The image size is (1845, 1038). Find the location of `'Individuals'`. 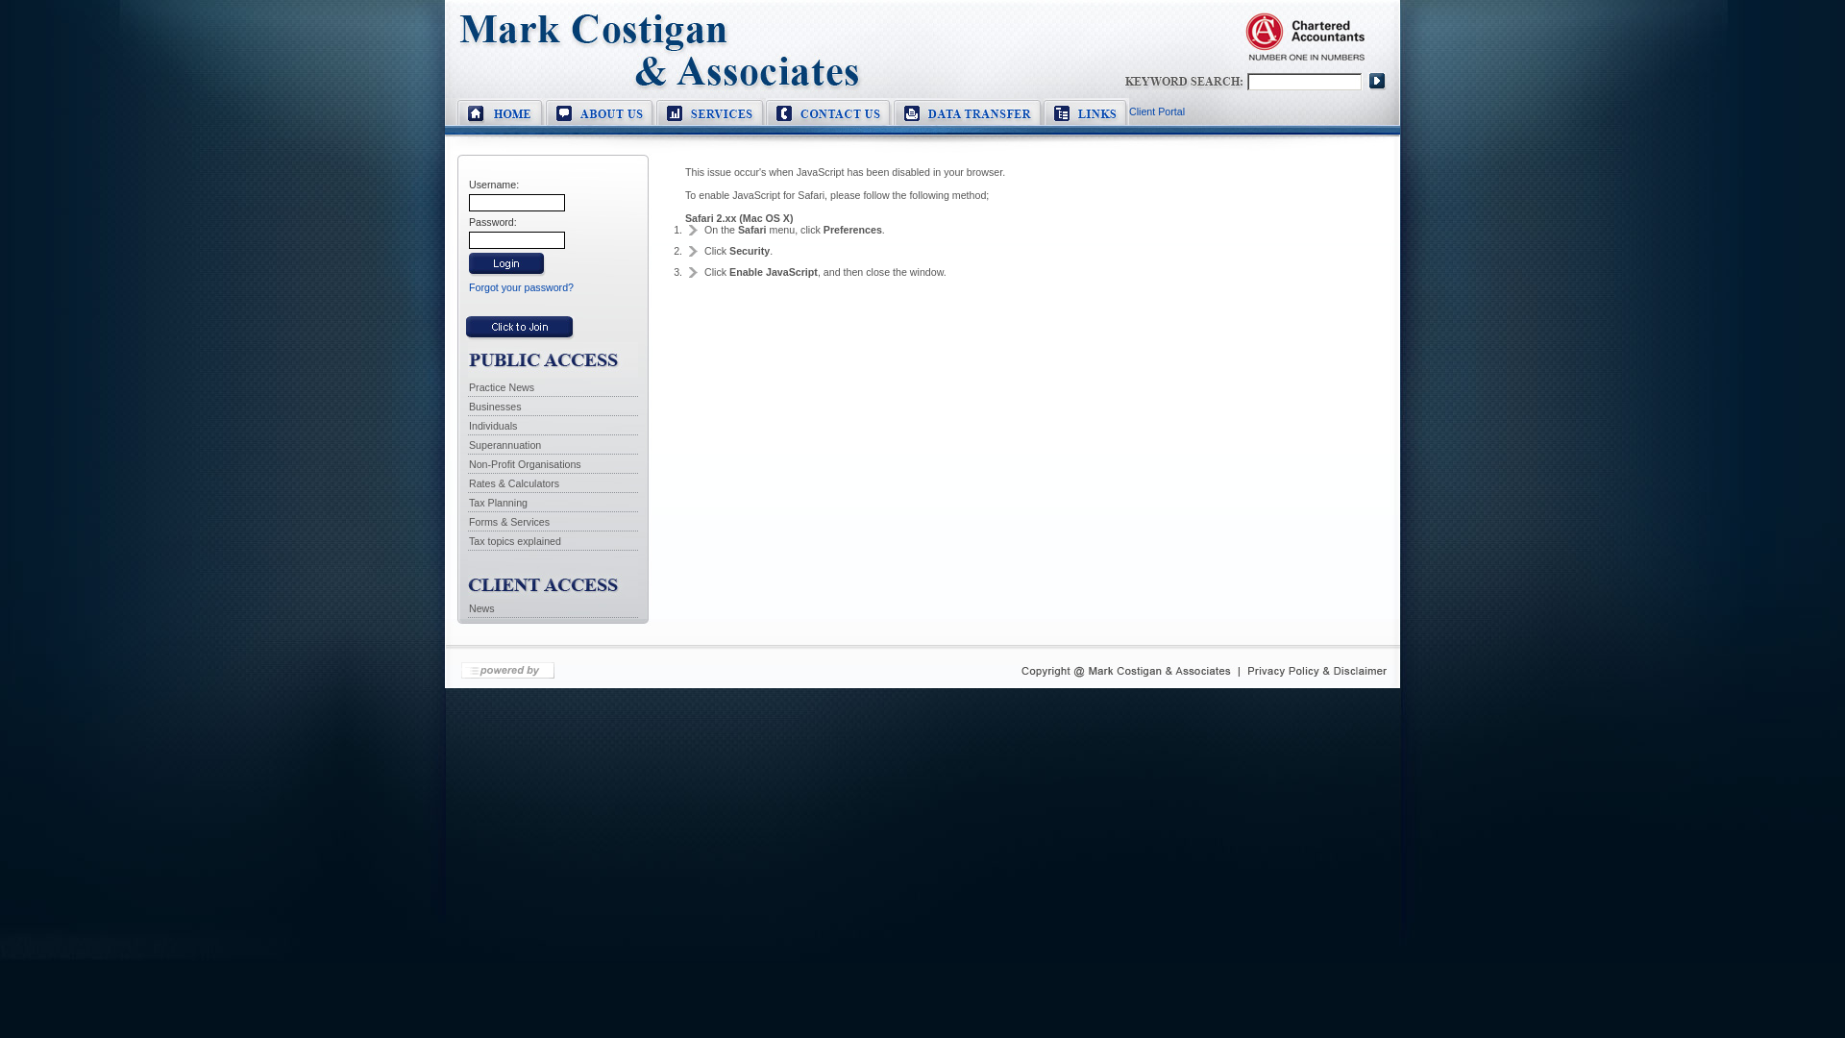

'Individuals' is located at coordinates (469, 425).